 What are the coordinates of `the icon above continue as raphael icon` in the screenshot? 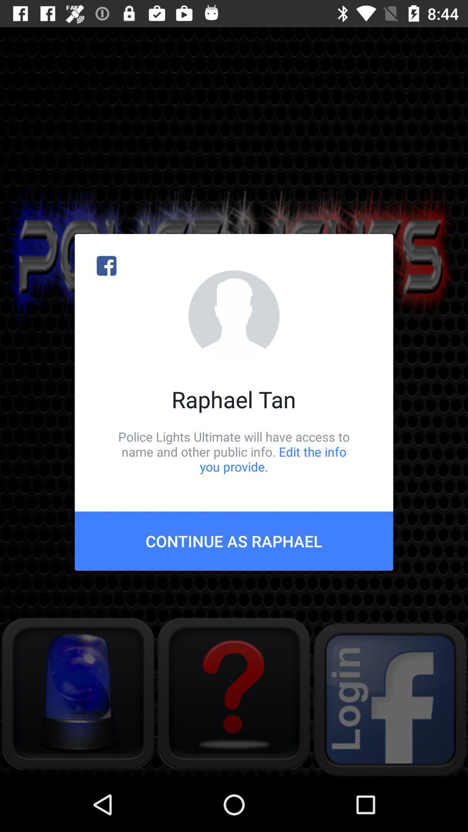 It's located at (234, 451).